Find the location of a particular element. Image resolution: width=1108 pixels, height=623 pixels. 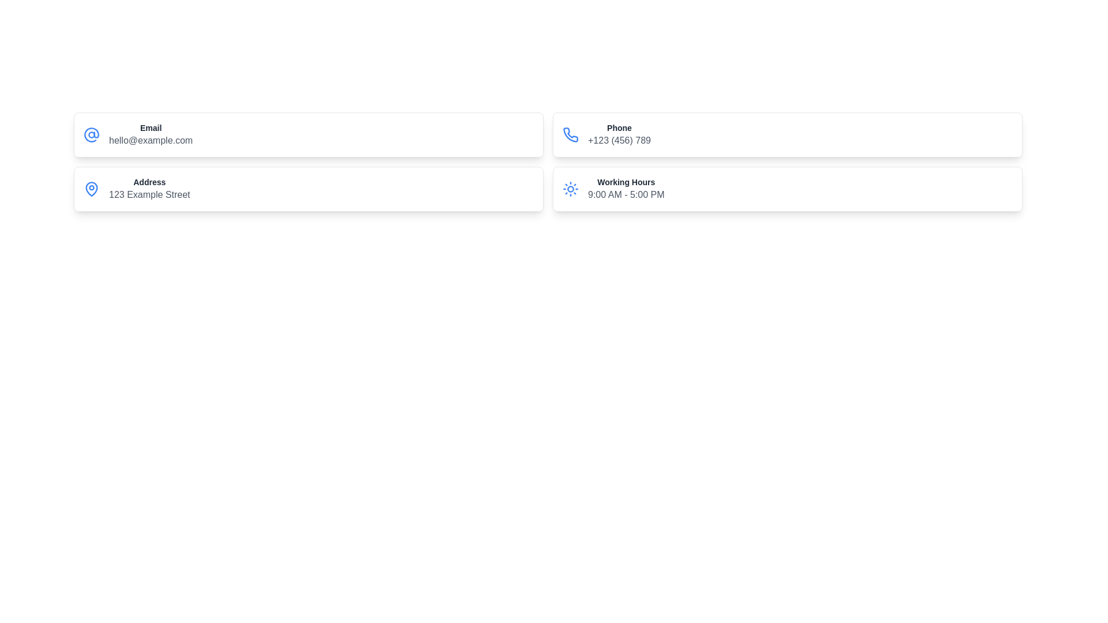

the Informational card displaying 'Working Hours' and '9:00 AM - 5:00 PM' located in the rightmost column of the second row in the grid layout is located at coordinates (787, 188).